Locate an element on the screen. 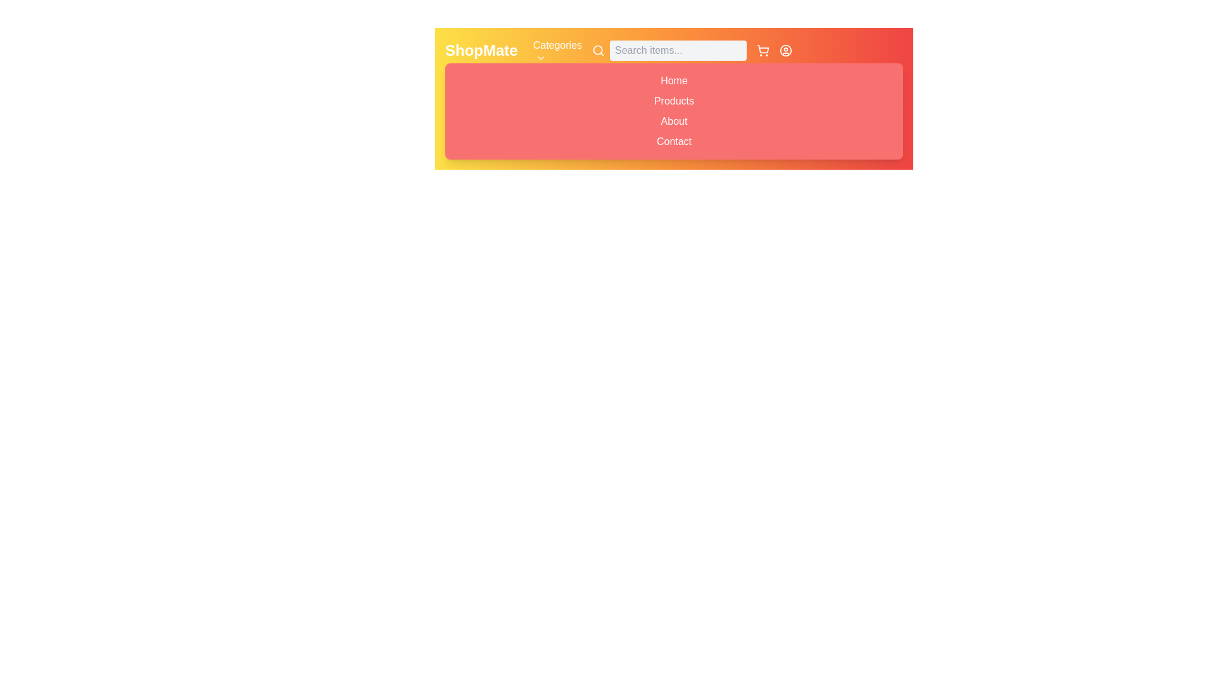 The height and width of the screenshot is (684, 1216). the SVG Circle that is part of the search icon, located to the right of the 'Categories' button and just to the left of the search input field in the top navigation bar is located at coordinates (597, 49).